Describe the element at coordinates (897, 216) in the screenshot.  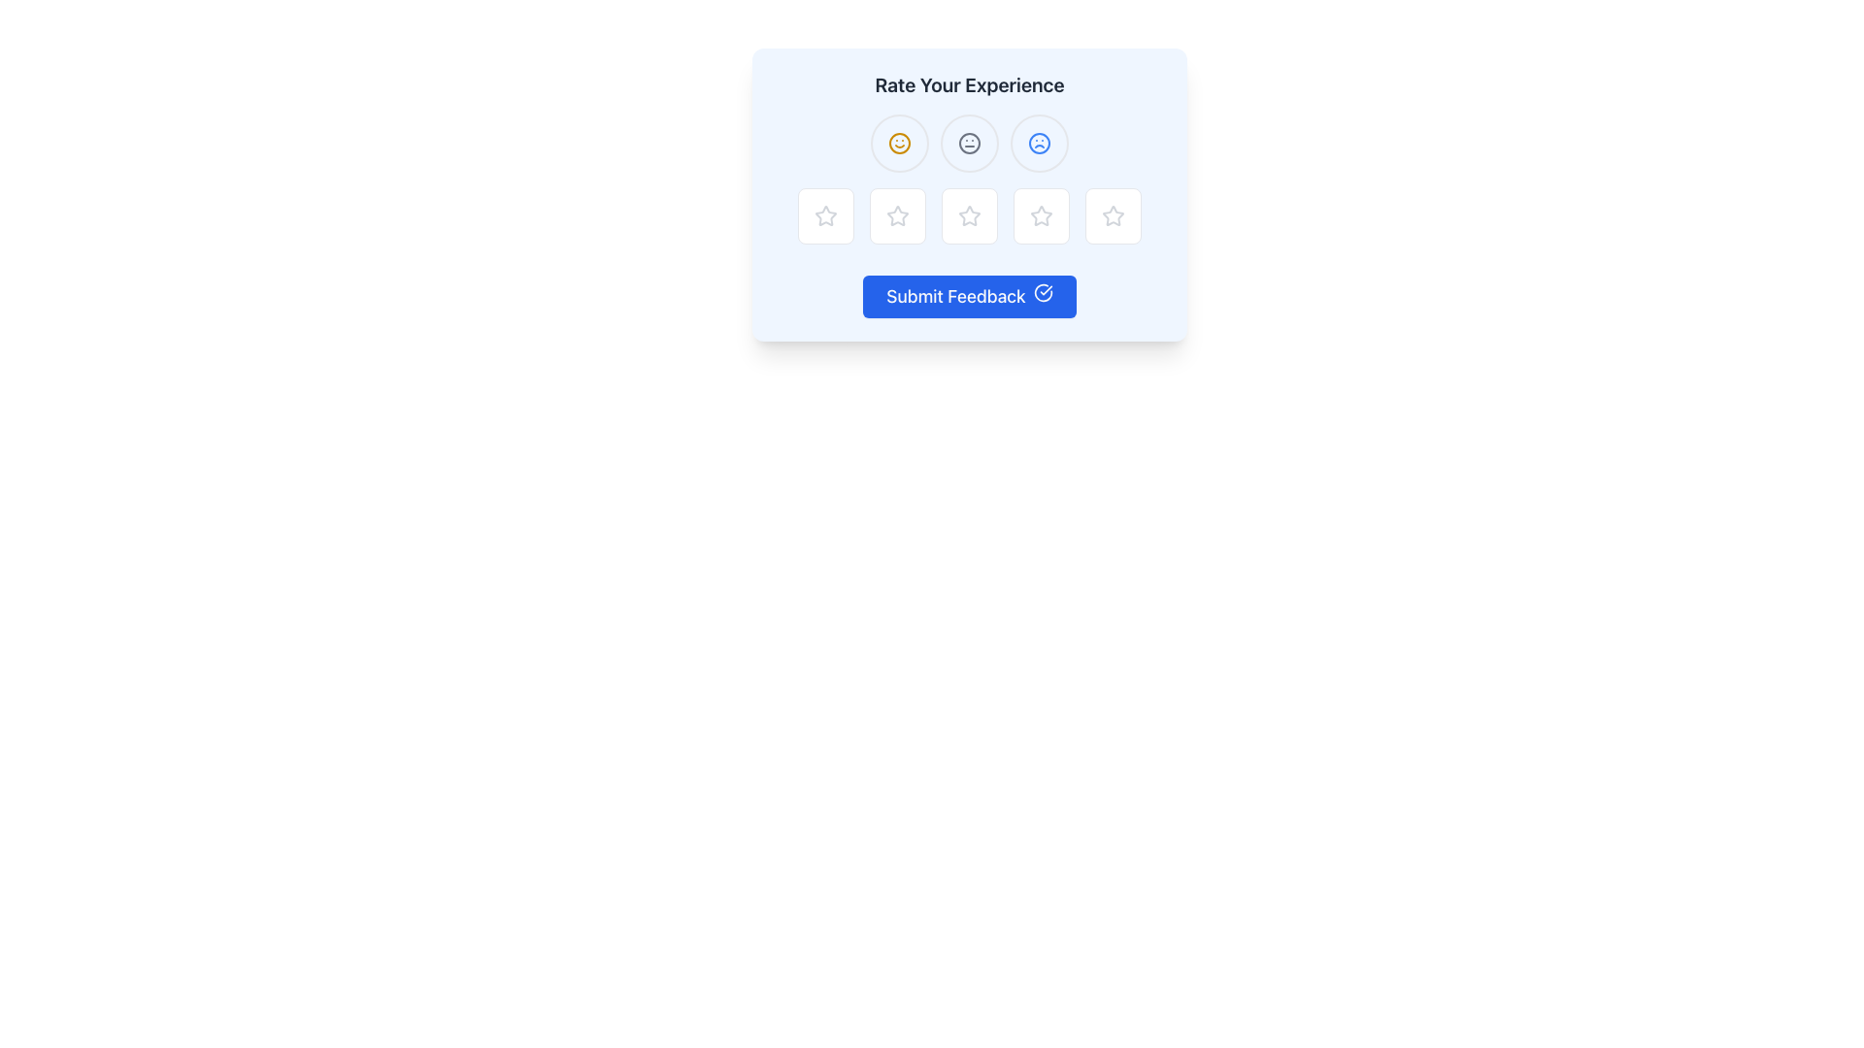
I see `the second star icon in the group of five outlined star icons, which is styled in light gray, located beneath the emoji-like icons representing user sentiment` at that location.